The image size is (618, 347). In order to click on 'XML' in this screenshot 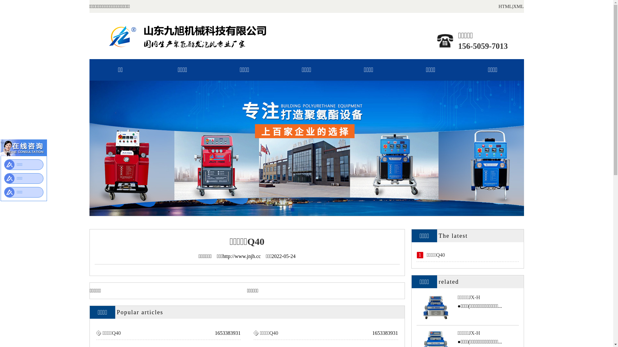, I will do `click(518, 6)`.